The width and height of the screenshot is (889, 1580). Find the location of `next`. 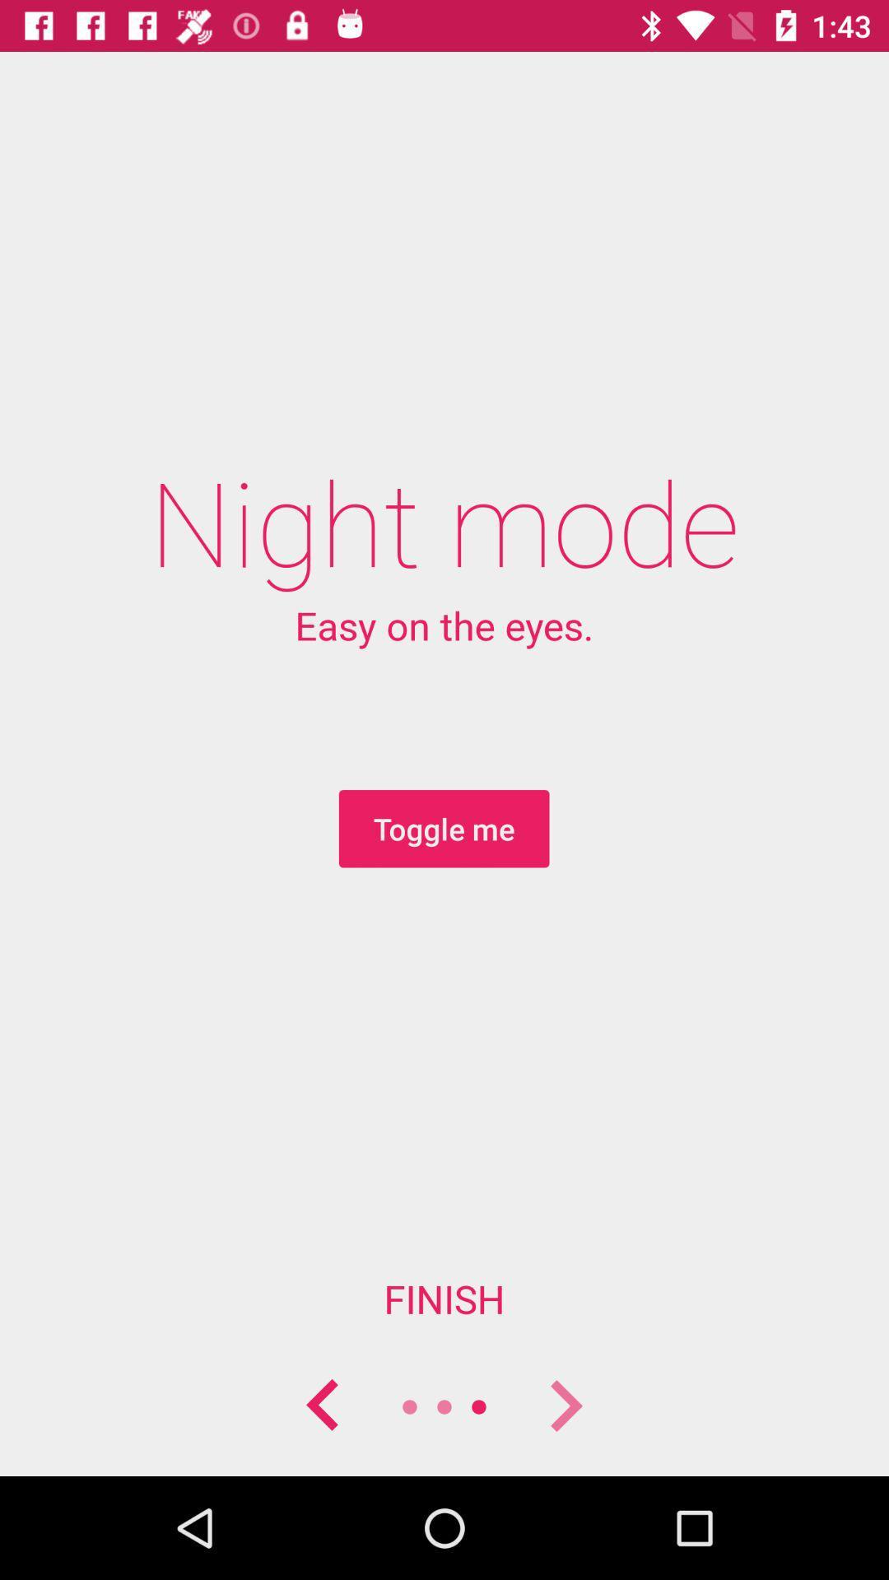

next is located at coordinates (564, 1406).